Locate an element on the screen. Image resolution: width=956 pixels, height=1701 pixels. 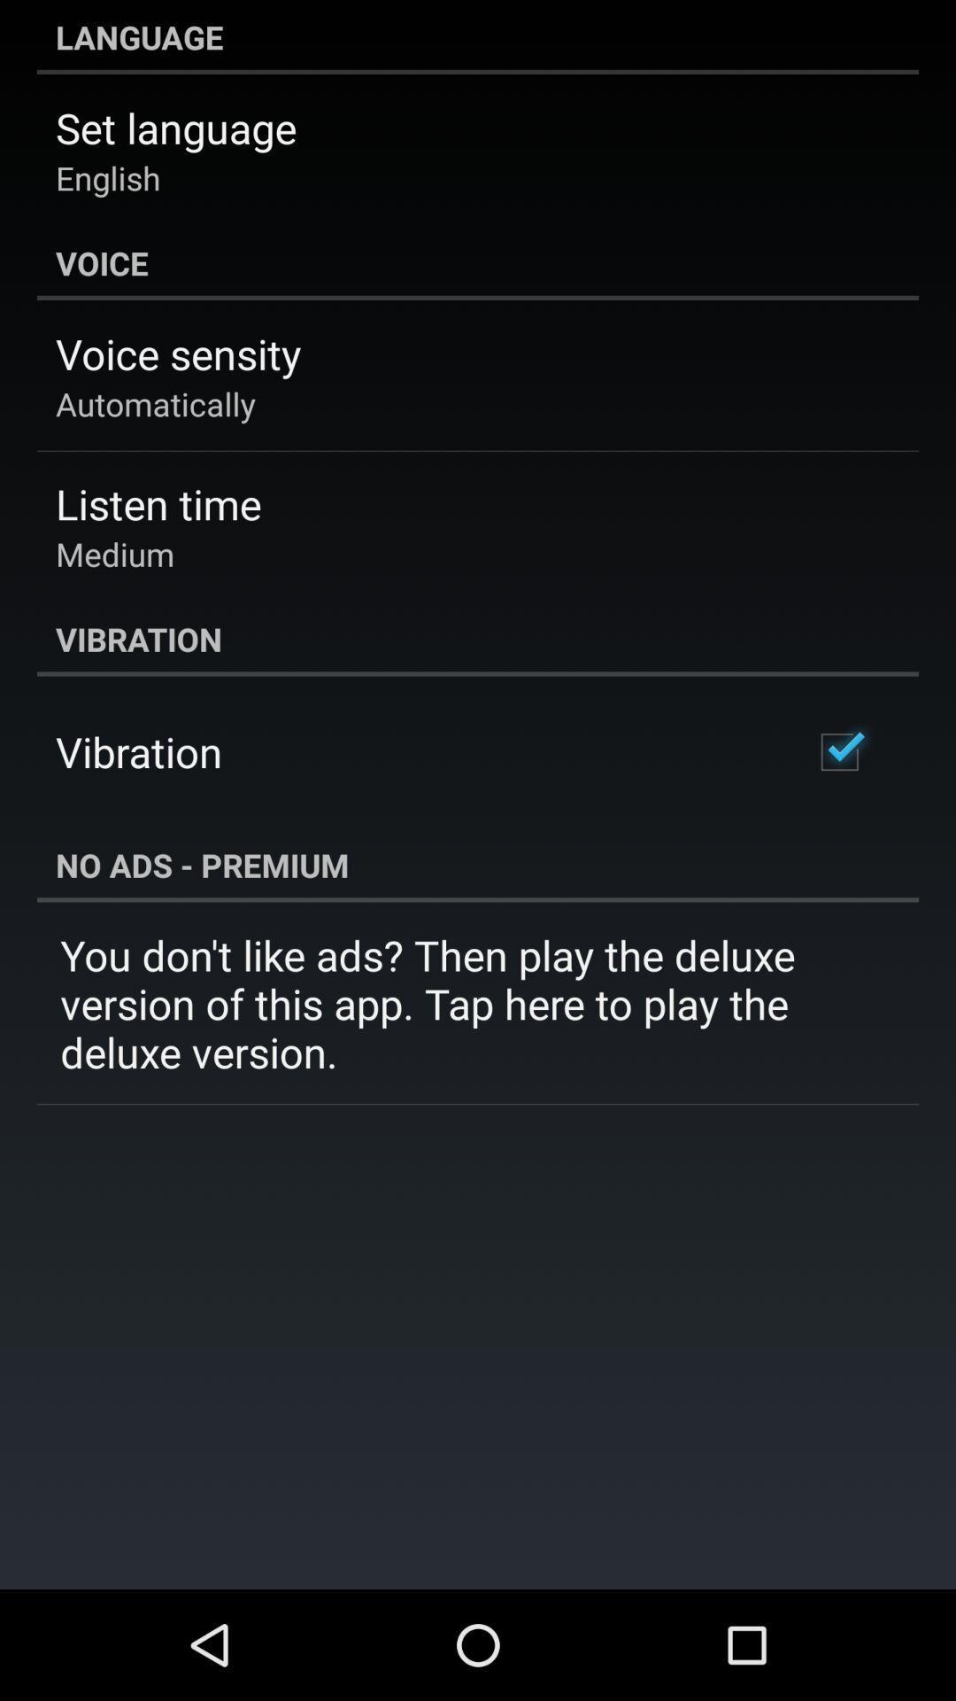
icon below set language is located at coordinates (108, 178).